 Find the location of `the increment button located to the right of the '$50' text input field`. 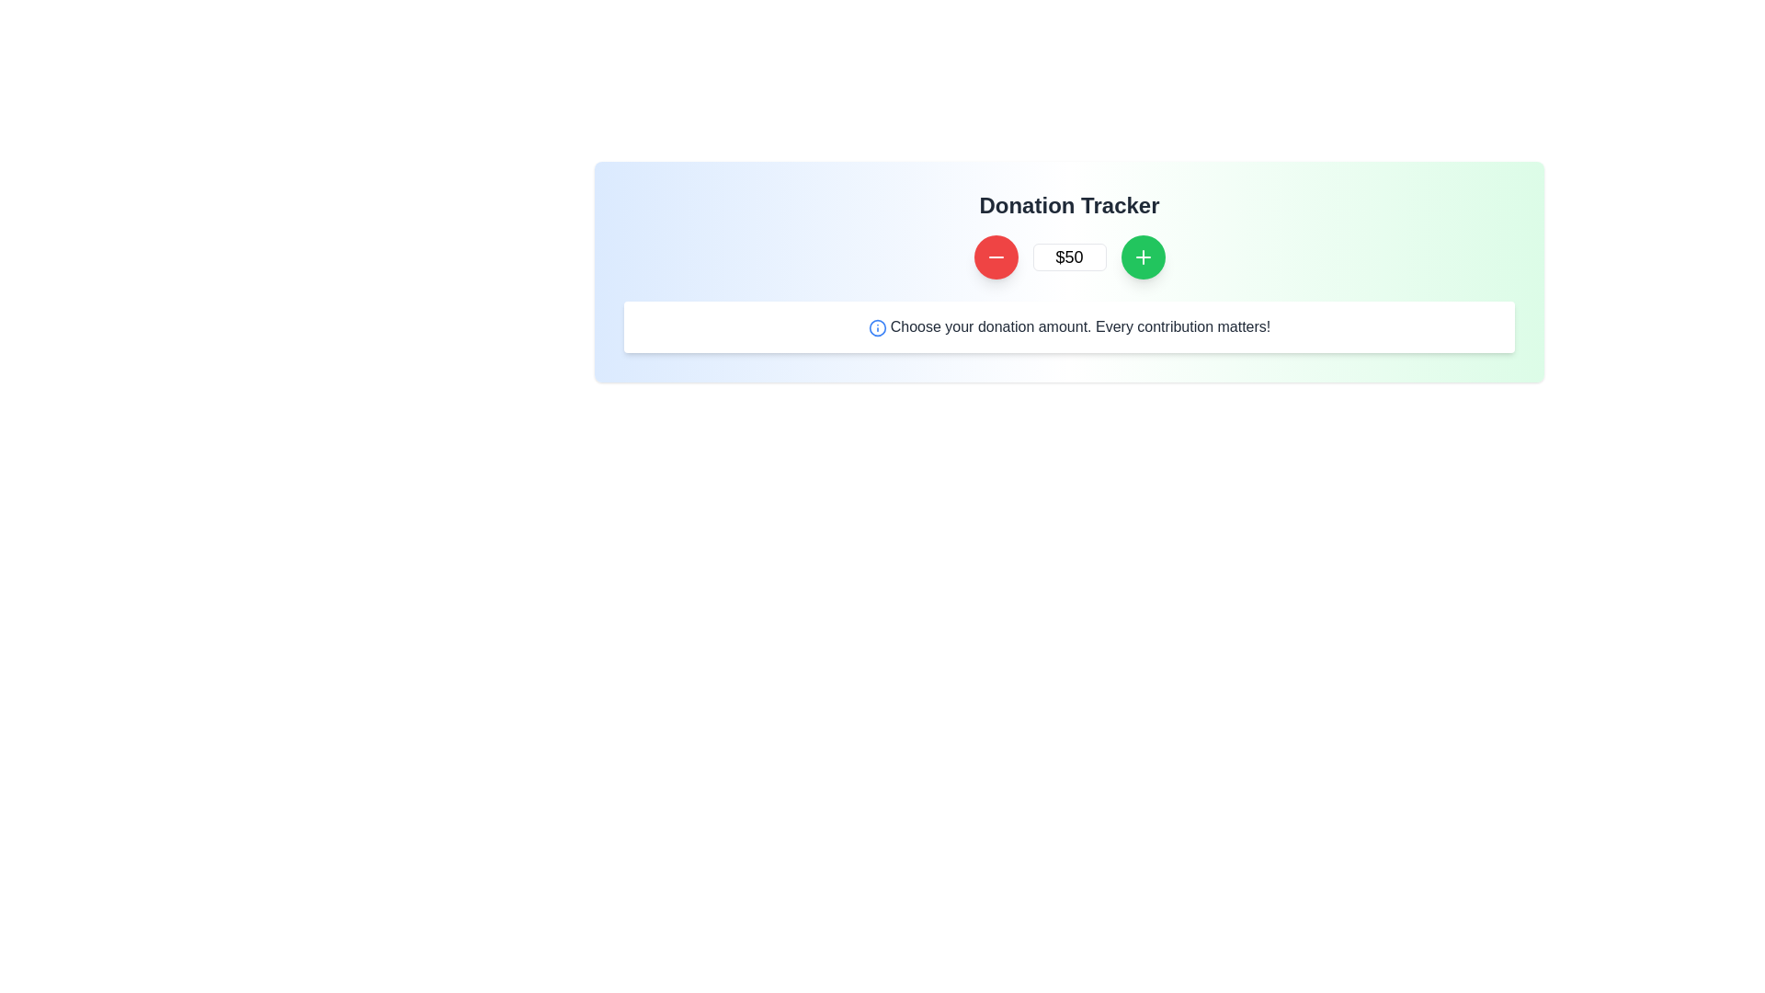

the increment button located to the right of the '$50' text input field is located at coordinates (1142, 257).